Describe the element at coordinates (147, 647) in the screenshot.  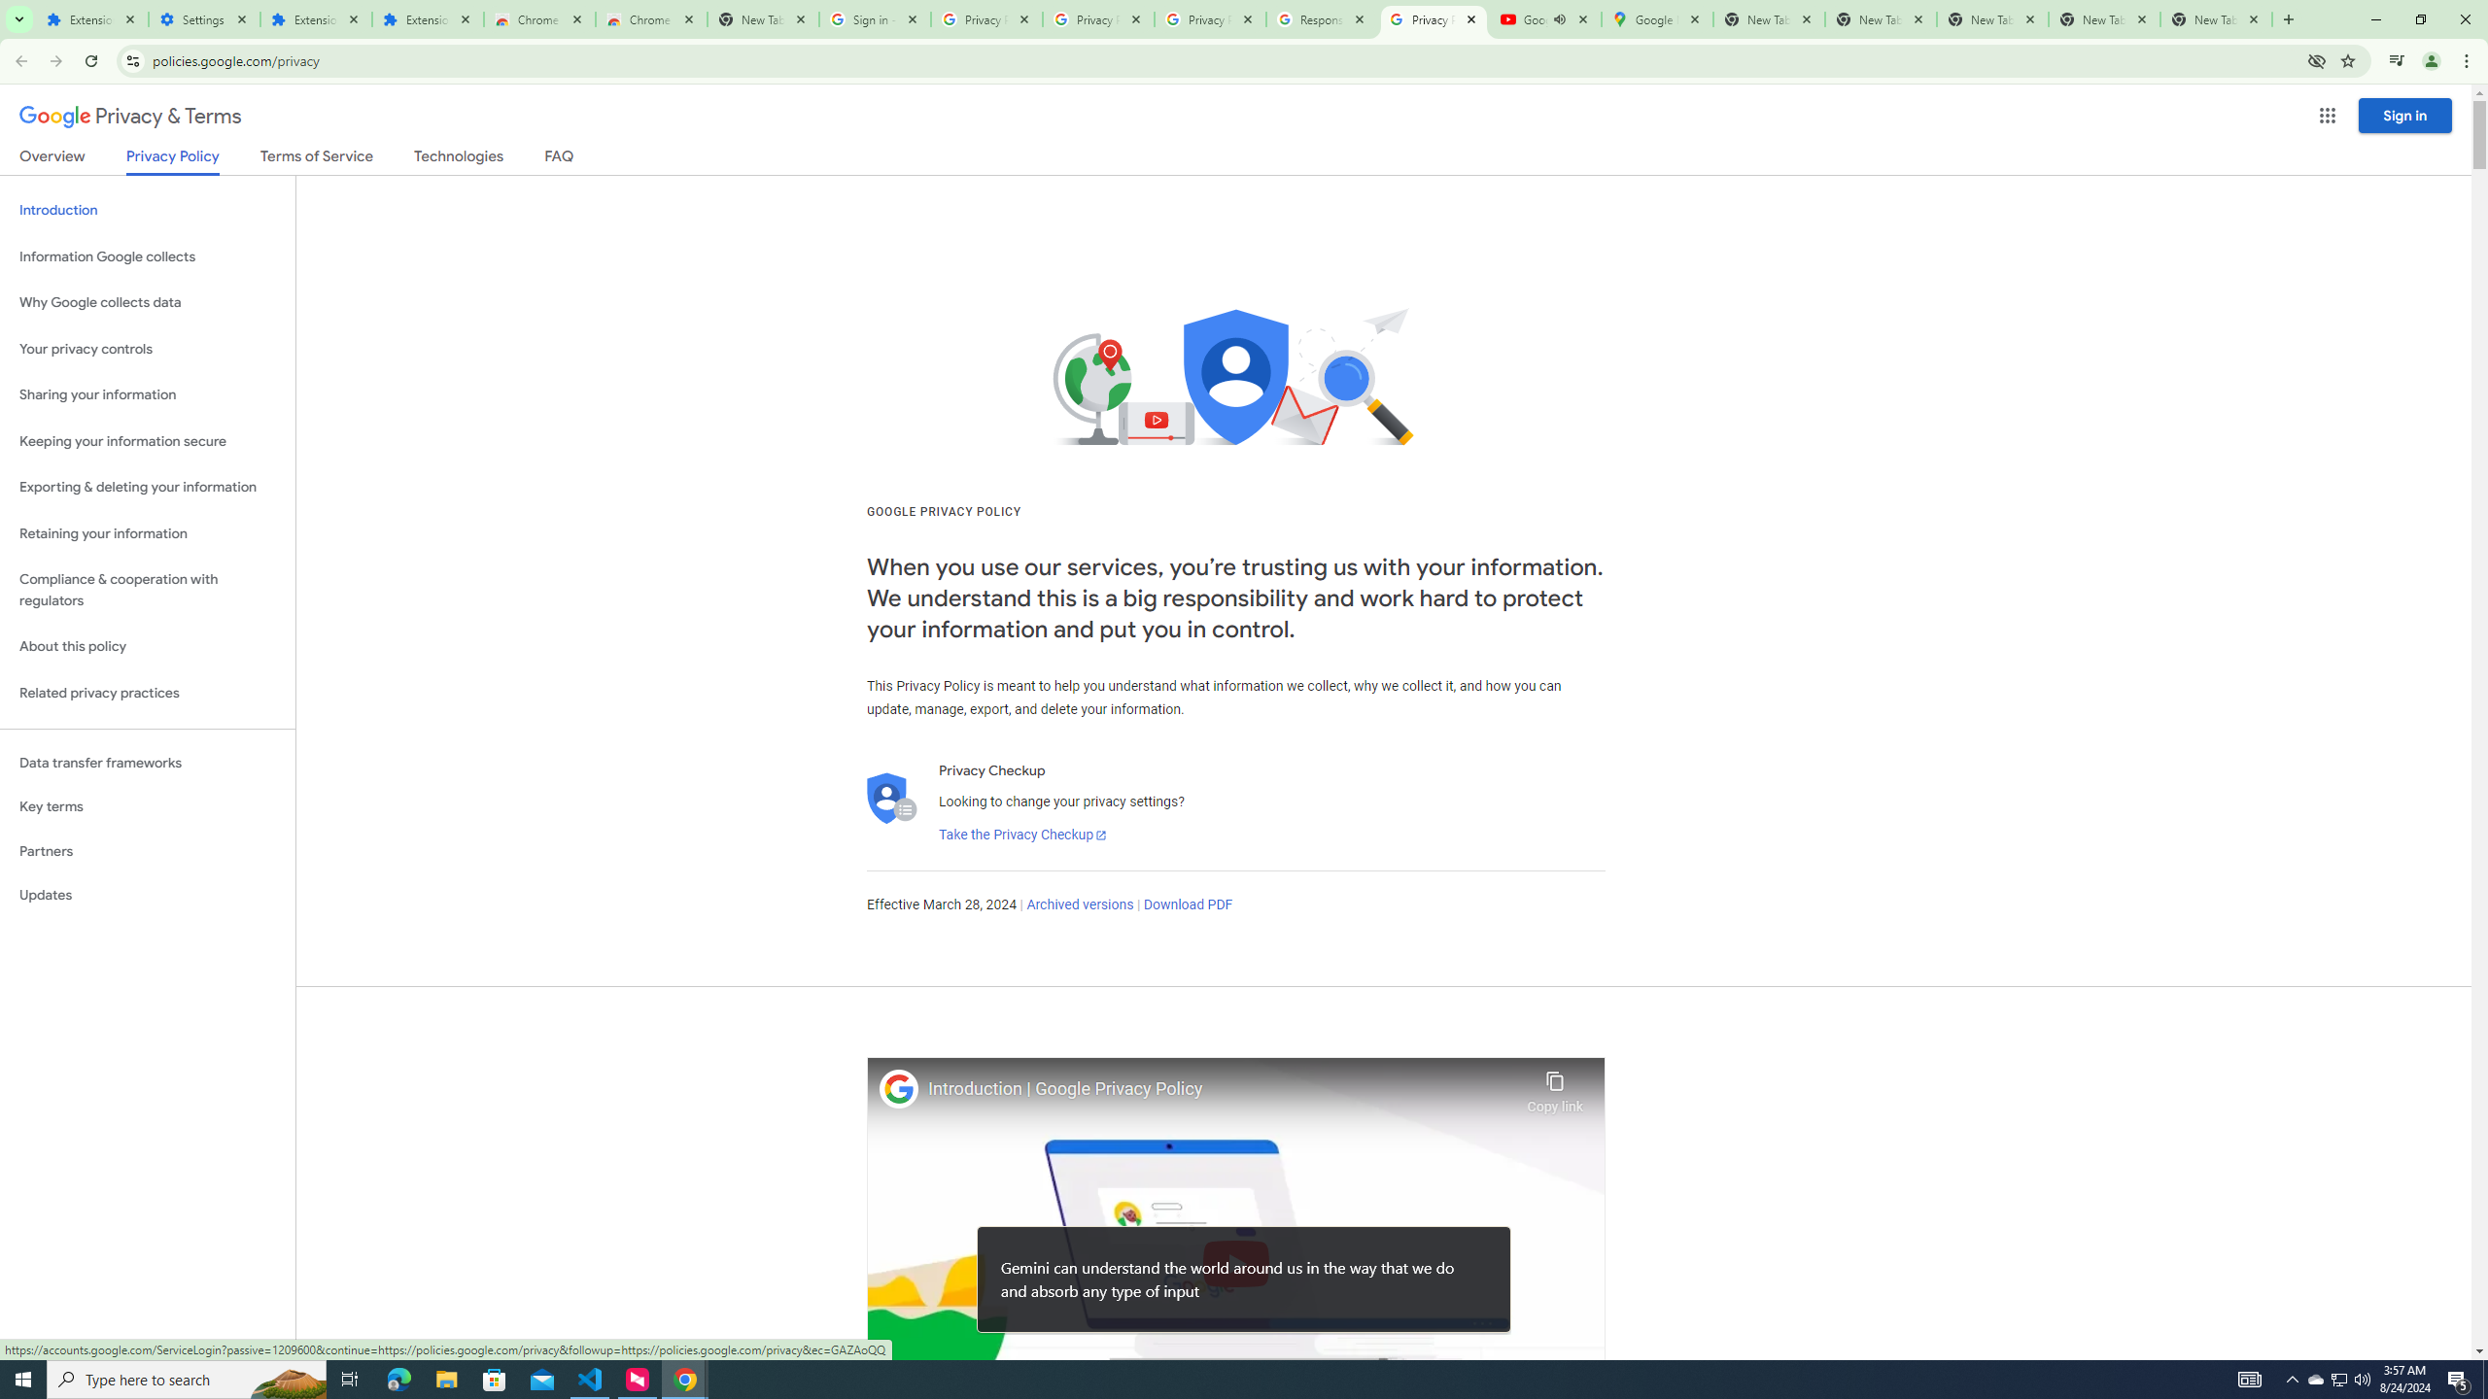
I see `'About this policy'` at that location.